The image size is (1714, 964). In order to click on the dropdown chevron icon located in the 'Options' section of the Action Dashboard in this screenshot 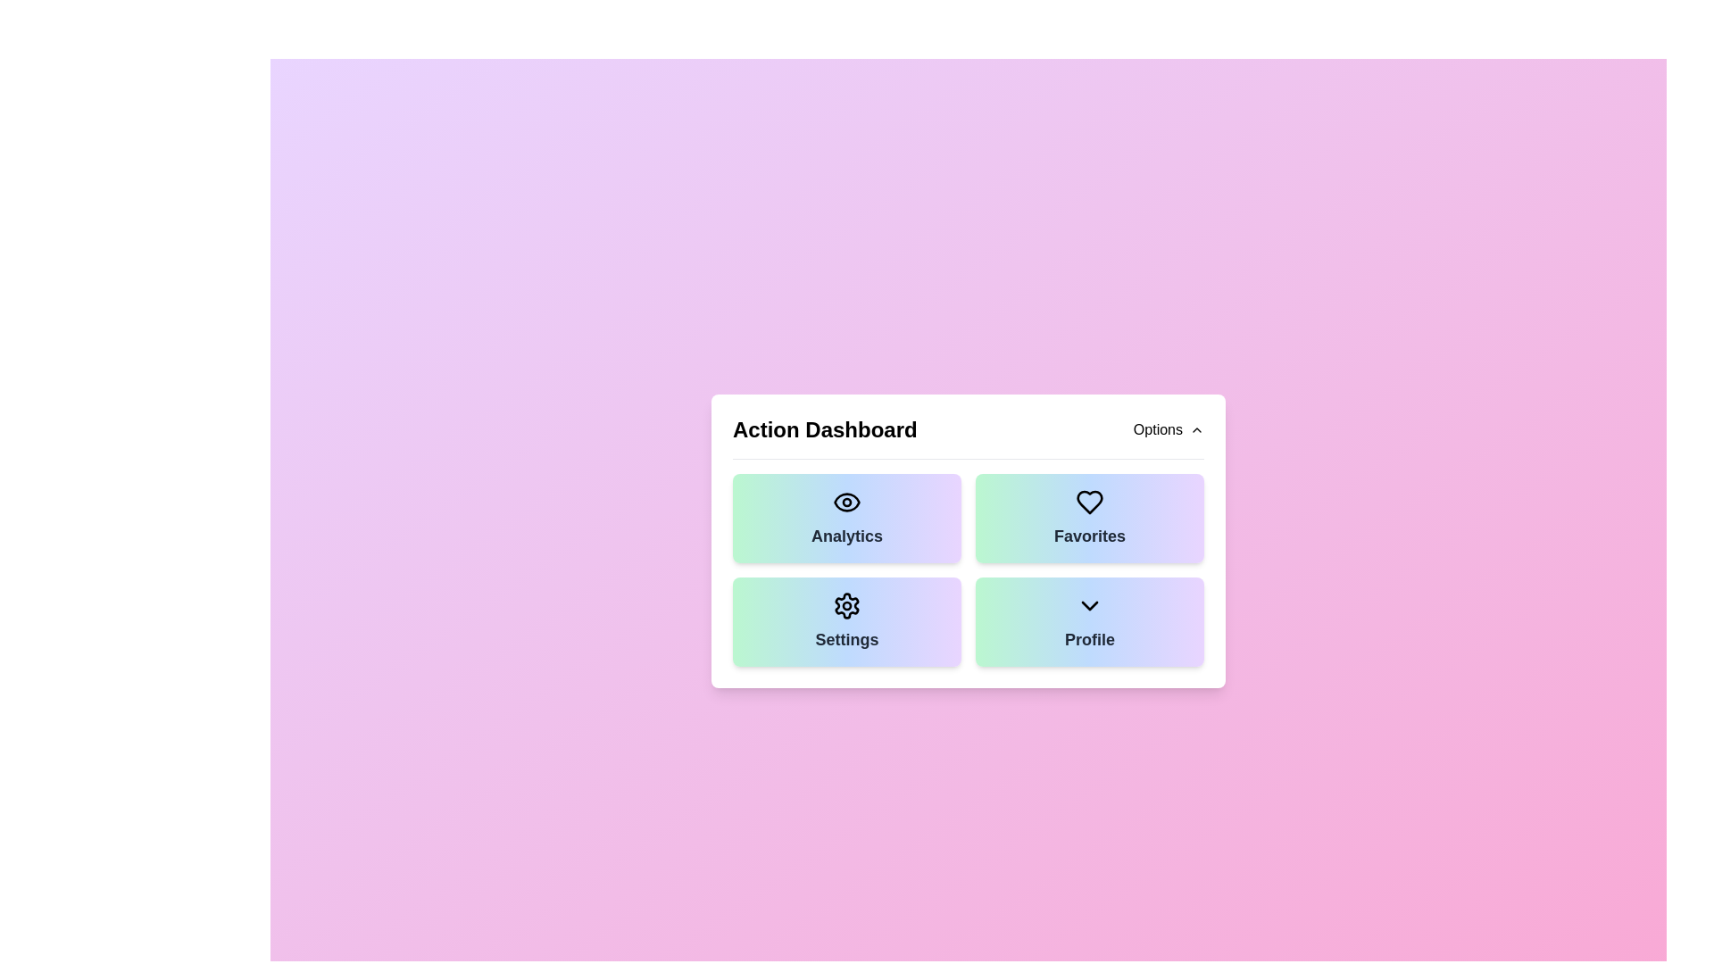, I will do `click(1088, 604)`.